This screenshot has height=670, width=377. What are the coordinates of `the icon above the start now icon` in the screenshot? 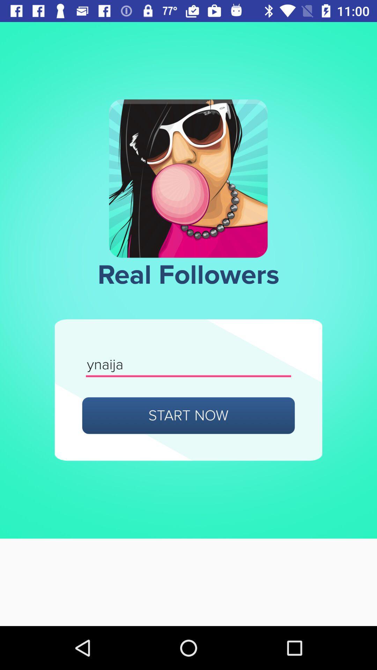 It's located at (188, 365).